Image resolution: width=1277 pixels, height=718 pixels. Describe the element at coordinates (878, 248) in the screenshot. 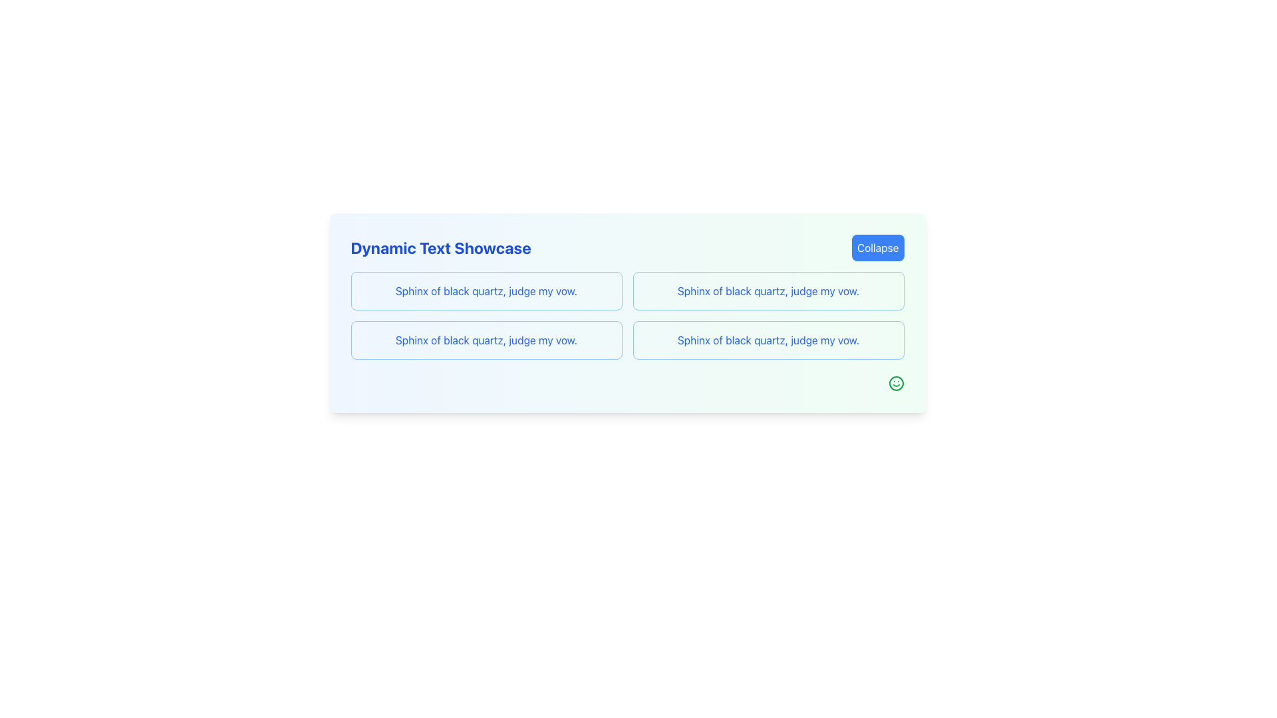

I see `the blue rectangular button with rounded corners that has the white text 'Collapse'` at that location.